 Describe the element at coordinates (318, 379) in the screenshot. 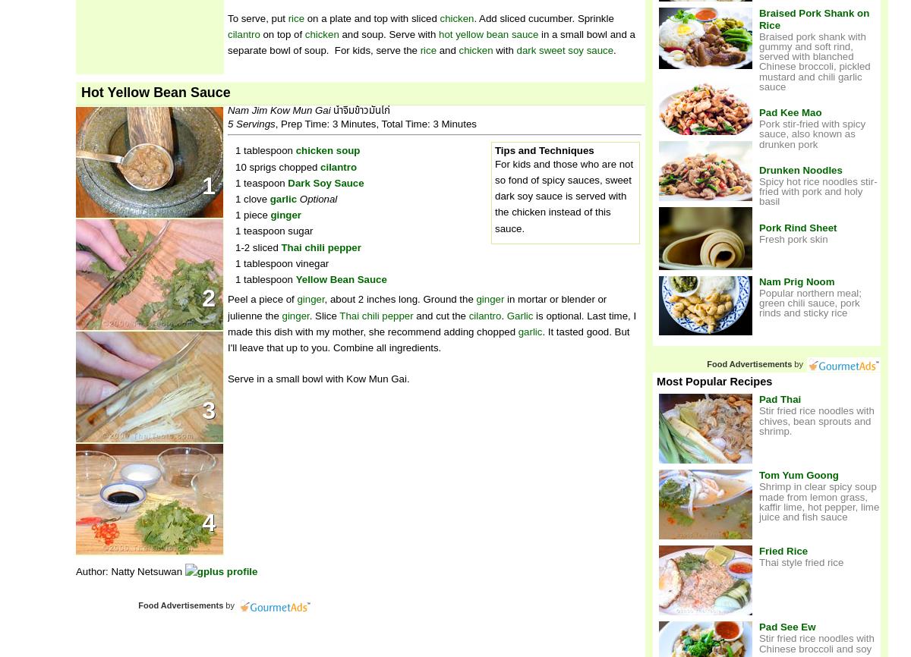

I see `'Serve in a small bowl with Kow Mun Gai.'` at that location.